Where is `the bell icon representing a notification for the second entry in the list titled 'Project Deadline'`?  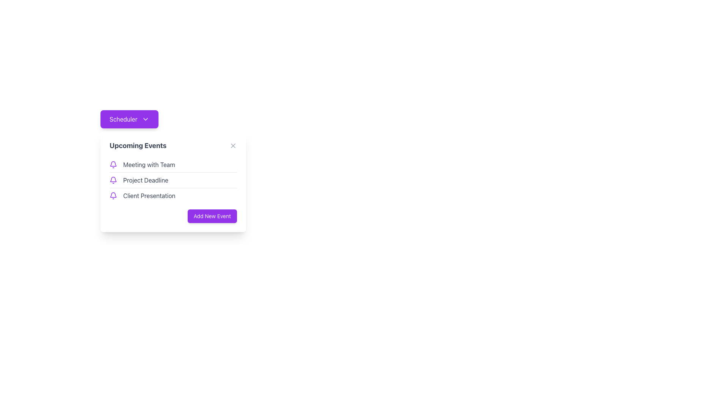
the bell icon representing a notification for the second entry in the list titled 'Project Deadline' is located at coordinates (113, 179).